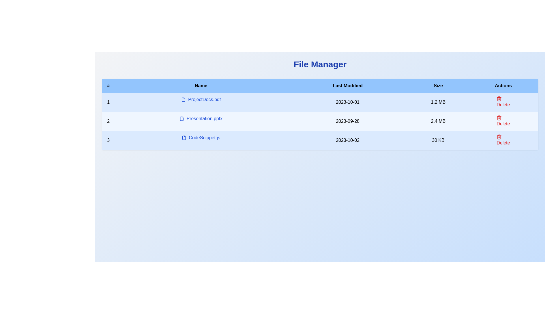  What do you see at coordinates (320, 140) in the screenshot?
I see `on the third table row representing a file entry in the file manager` at bounding box center [320, 140].